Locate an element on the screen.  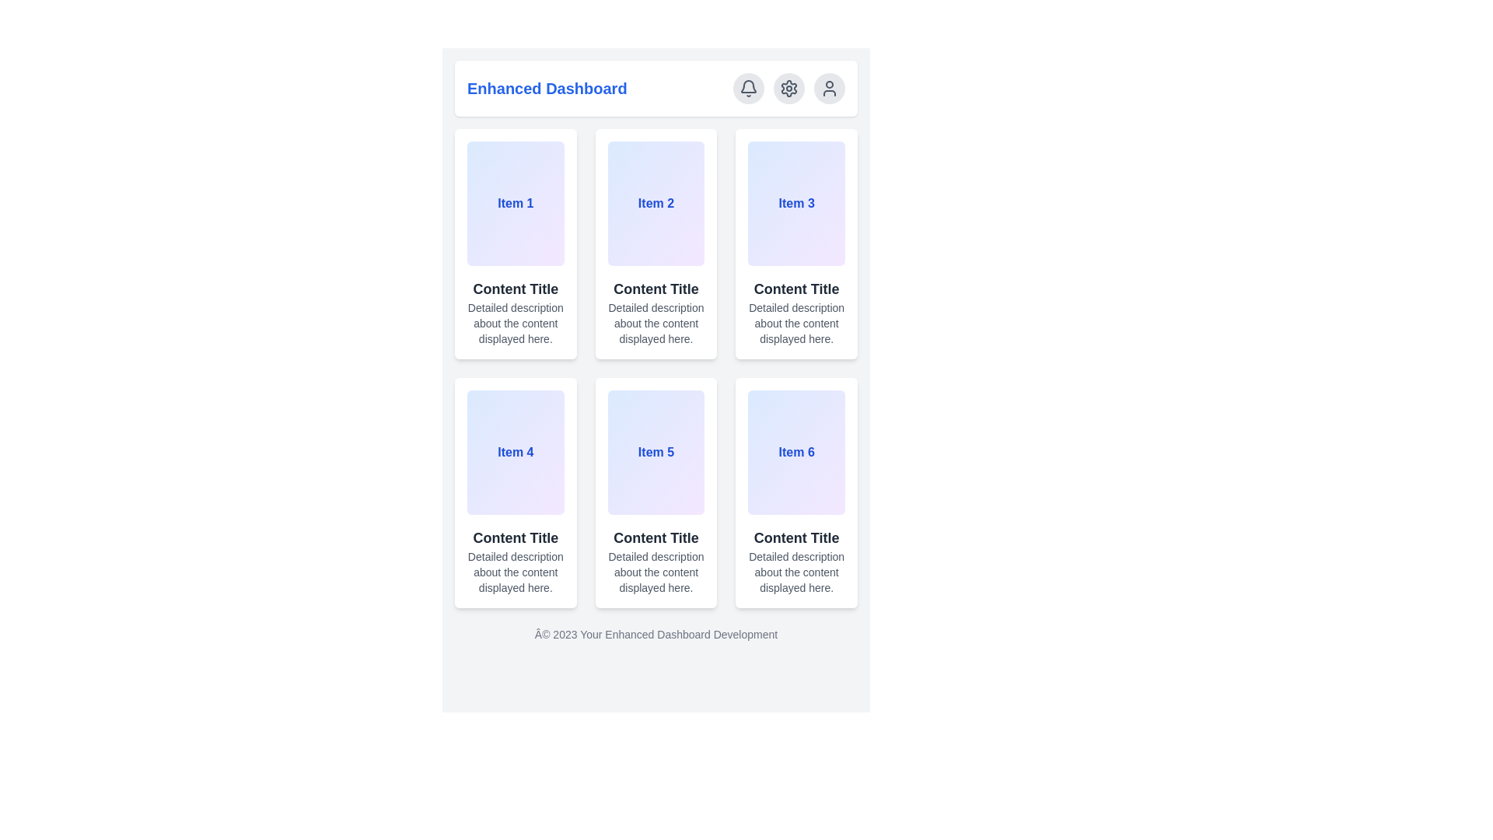
the first card is located at coordinates (516, 203).